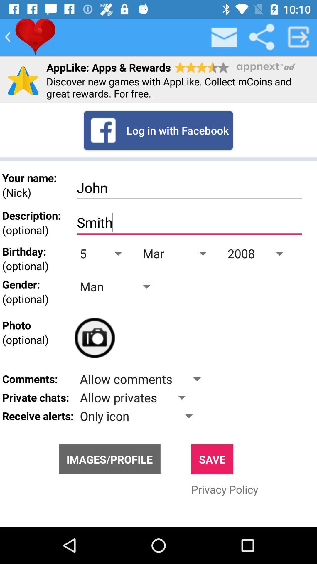 Image resolution: width=317 pixels, height=564 pixels. What do you see at coordinates (261, 36) in the screenshot?
I see `share profile` at bounding box center [261, 36].